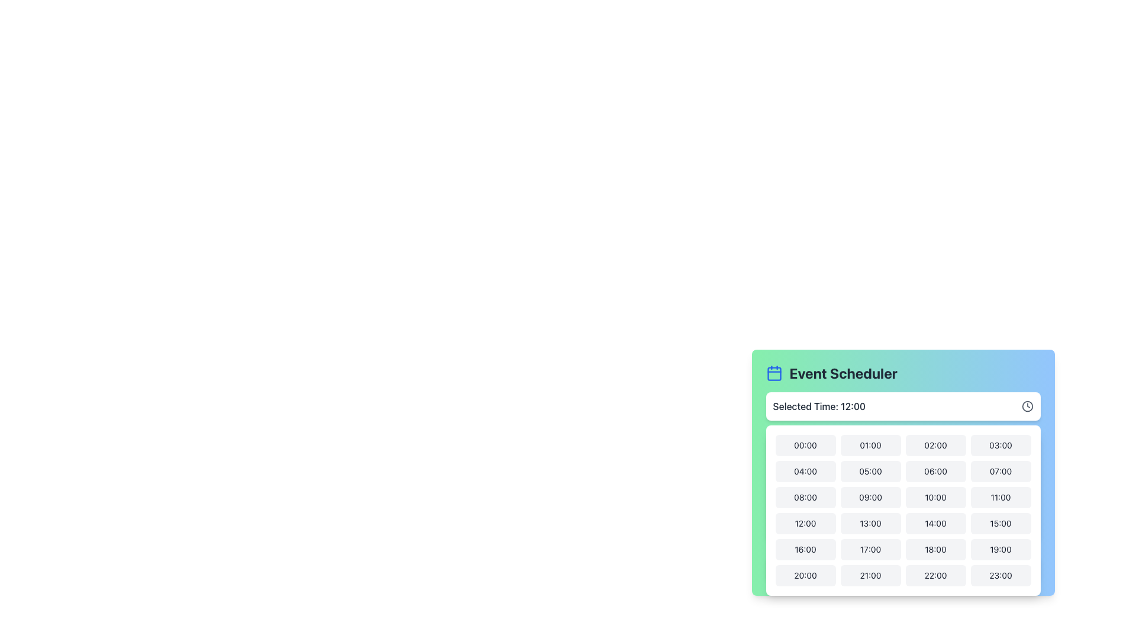 This screenshot has width=1136, height=639. Describe the element at coordinates (870, 522) in the screenshot. I see `the rectangular button labeled '13:00' in the 'Event Scheduler' dialog box` at that location.